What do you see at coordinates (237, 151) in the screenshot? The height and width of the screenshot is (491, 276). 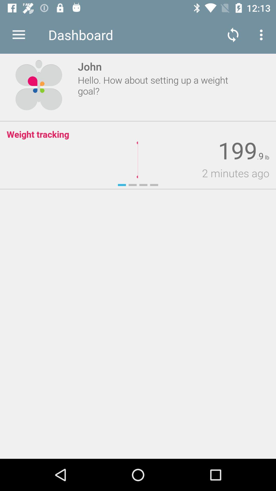 I see `item above 2 minutes ago item` at bounding box center [237, 151].